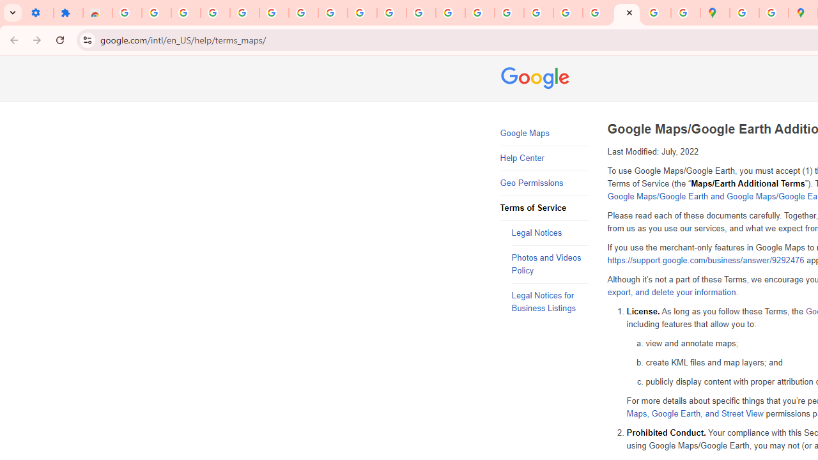 This screenshot has width=818, height=460. I want to click on 'Google Maps', so click(544, 134).